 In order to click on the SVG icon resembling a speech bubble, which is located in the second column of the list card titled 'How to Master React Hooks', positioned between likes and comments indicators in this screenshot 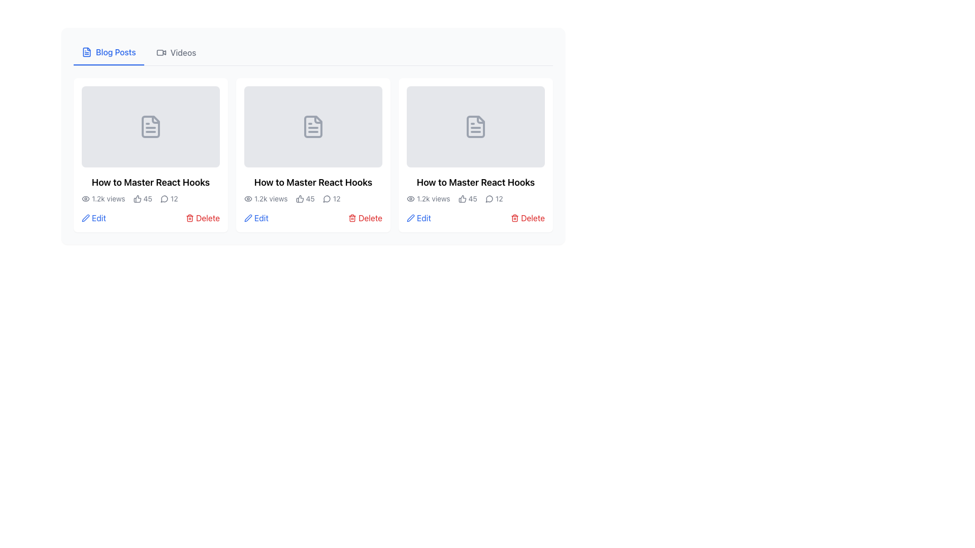, I will do `click(327, 199)`.